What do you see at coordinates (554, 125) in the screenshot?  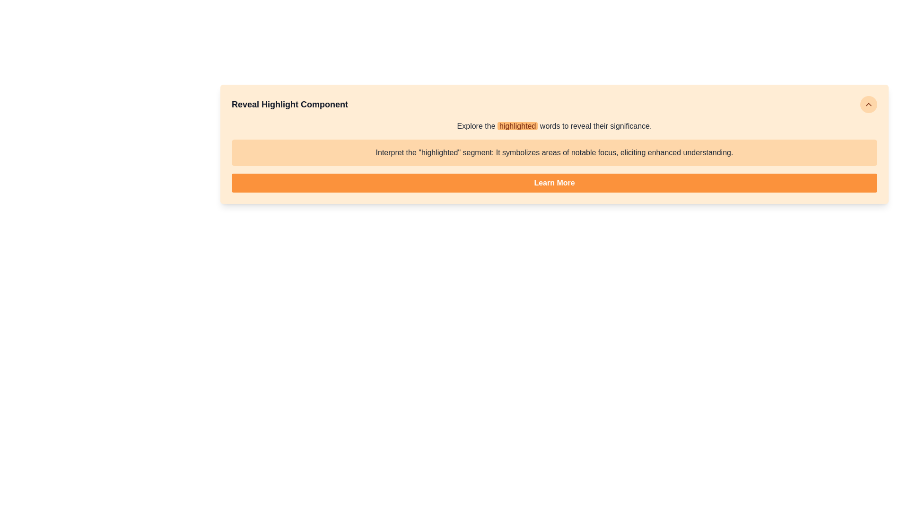 I see `the centrally positioned Text label that conveys instructions or information, located below the title 'Reveal Highlight Component' and above the description 'Interpret the highlighted segment.'` at bounding box center [554, 125].